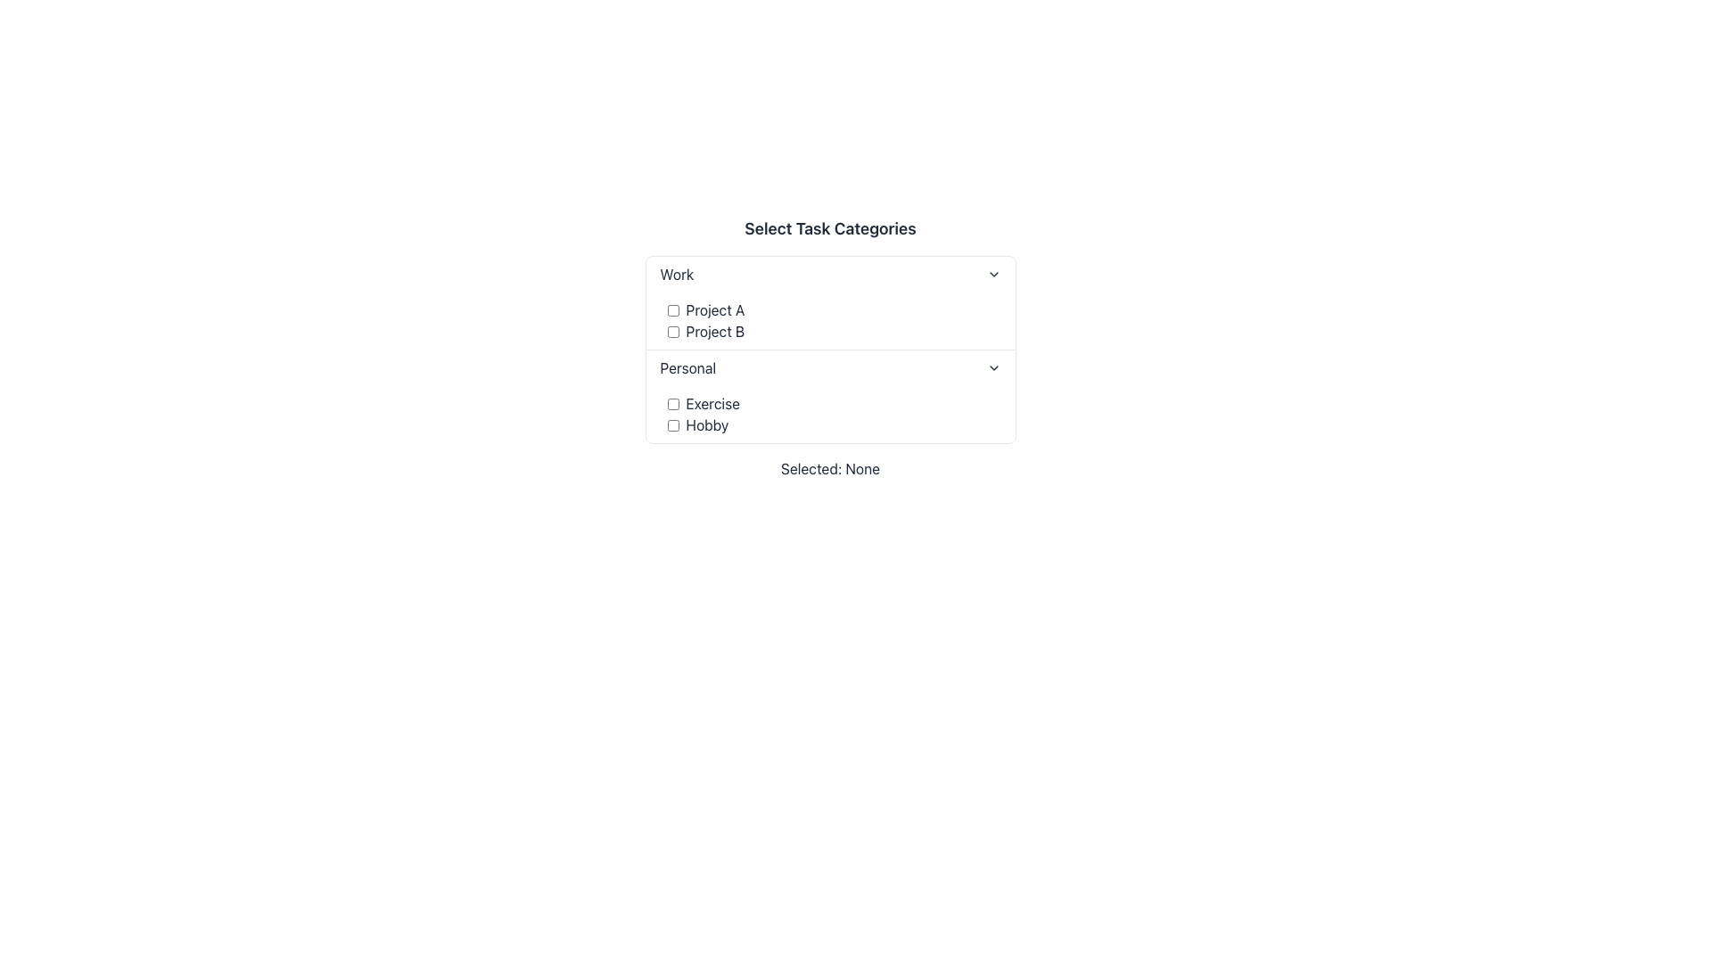 The height and width of the screenshot is (963, 1712). What do you see at coordinates (671, 403) in the screenshot?
I see `the 'Exercise' checkbox in the 'Personal' section` at bounding box center [671, 403].